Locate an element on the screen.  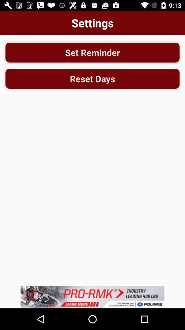
advertisement page is located at coordinates (92, 297).